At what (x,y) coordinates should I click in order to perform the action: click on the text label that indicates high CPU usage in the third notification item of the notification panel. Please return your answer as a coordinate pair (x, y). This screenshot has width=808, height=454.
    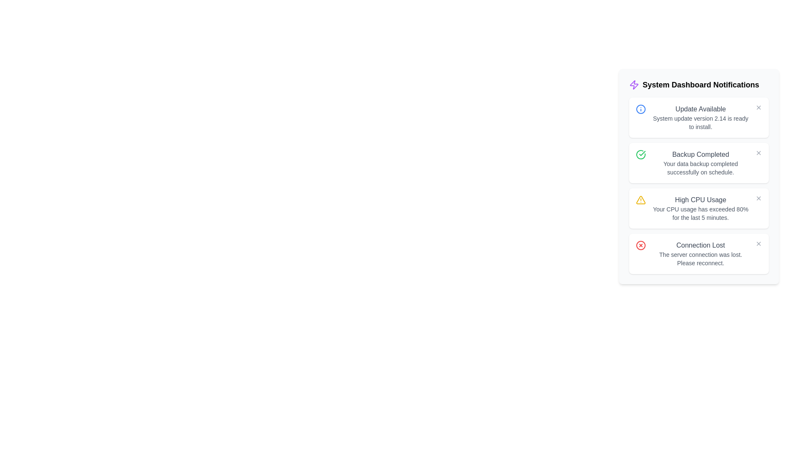
    Looking at the image, I should click on (701, 200).